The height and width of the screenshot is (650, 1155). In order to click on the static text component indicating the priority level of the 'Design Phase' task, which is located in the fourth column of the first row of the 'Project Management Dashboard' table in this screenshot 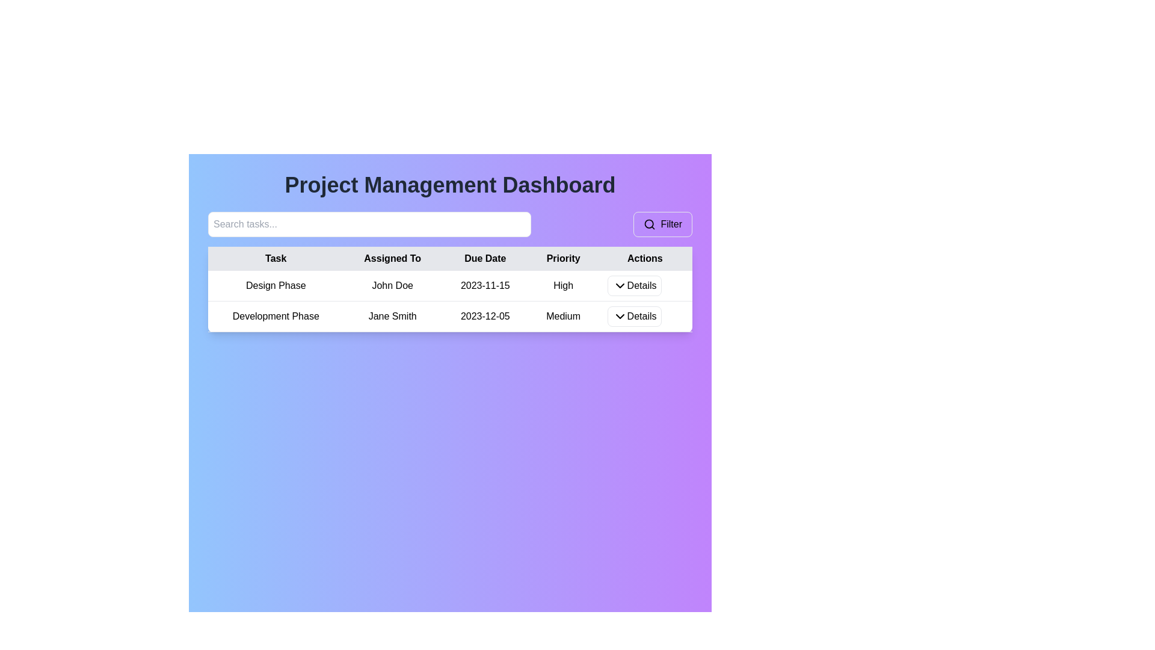, I will do `click(562, 286)`.